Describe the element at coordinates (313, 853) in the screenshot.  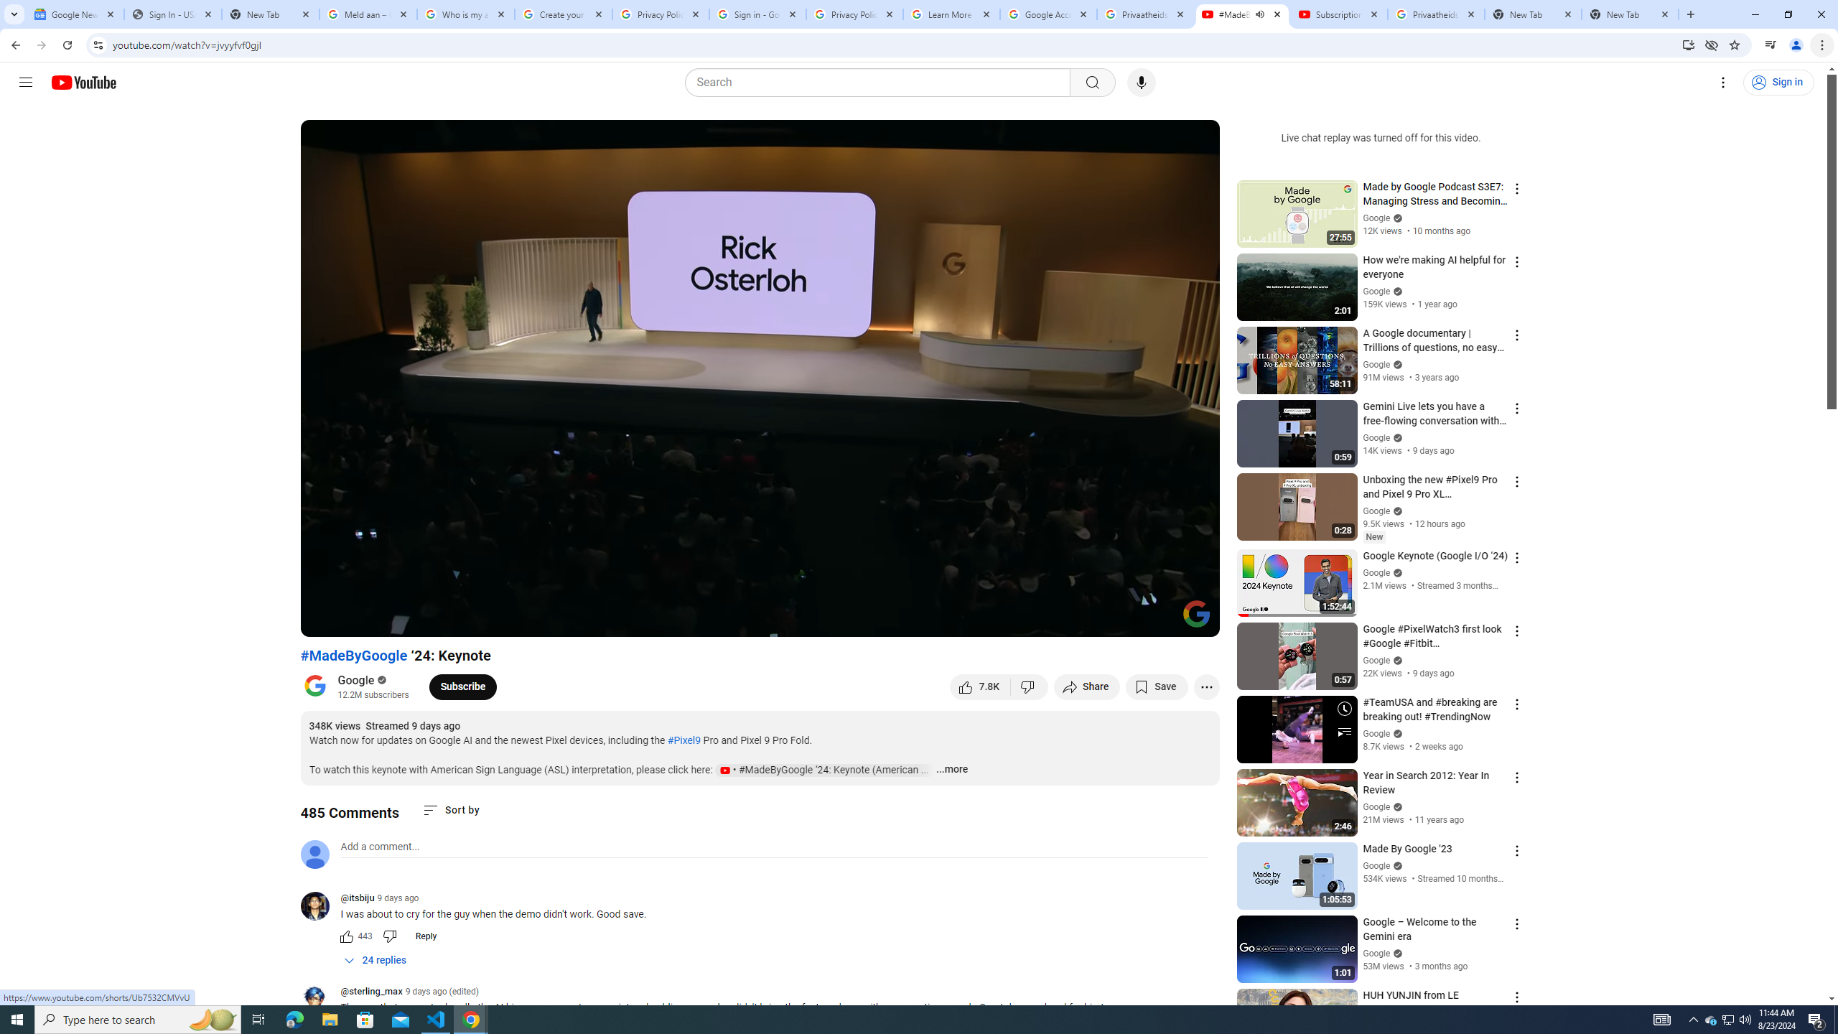
I see `'Default profile photo'` at that location.